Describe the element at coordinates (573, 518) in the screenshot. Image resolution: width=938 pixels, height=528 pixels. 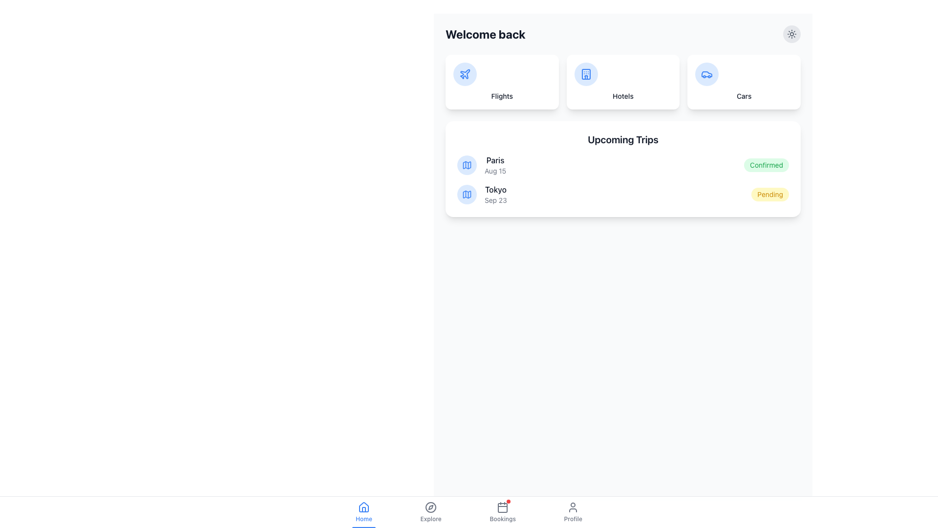
I see `the text label indicating the user profile section, which is the fourth item in the bottom navigation bar` at that location.